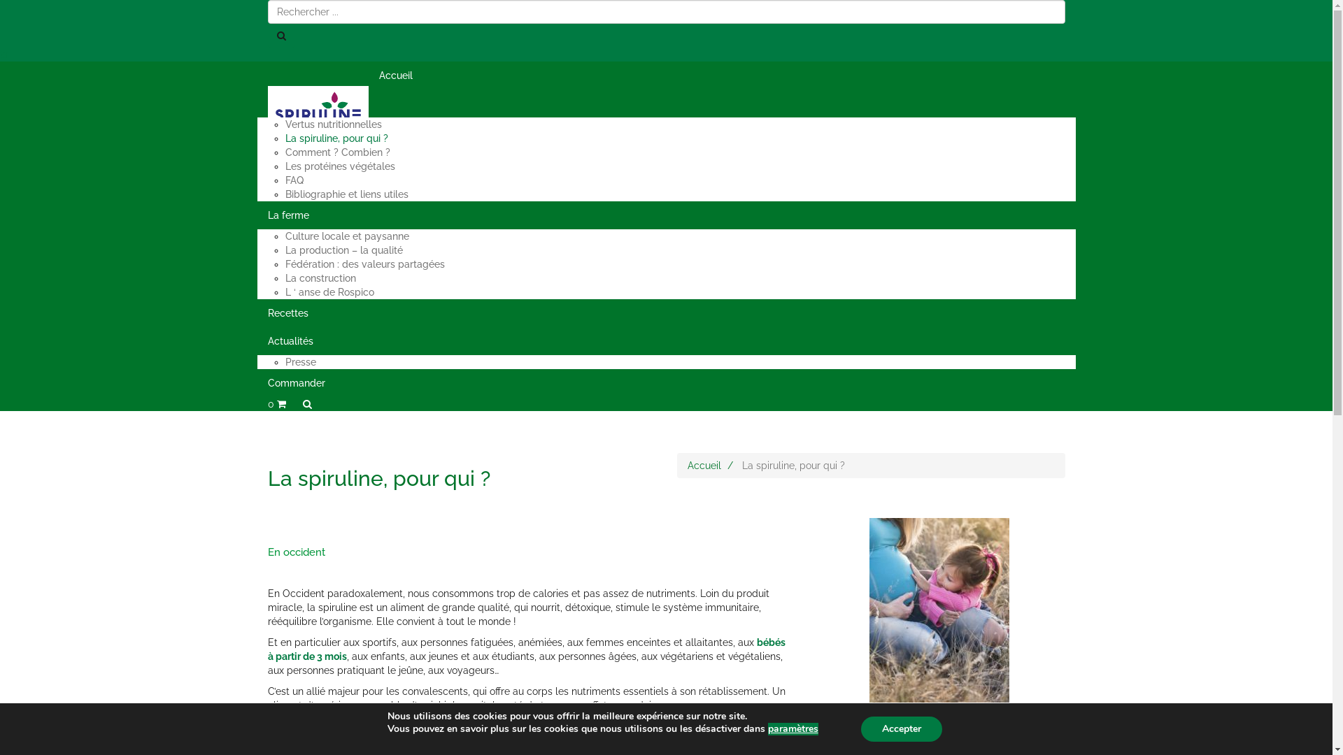 This screenshot has width=1343, height=755. I want to click on 'Bibliographie et liens utiles', so click(346, 194).